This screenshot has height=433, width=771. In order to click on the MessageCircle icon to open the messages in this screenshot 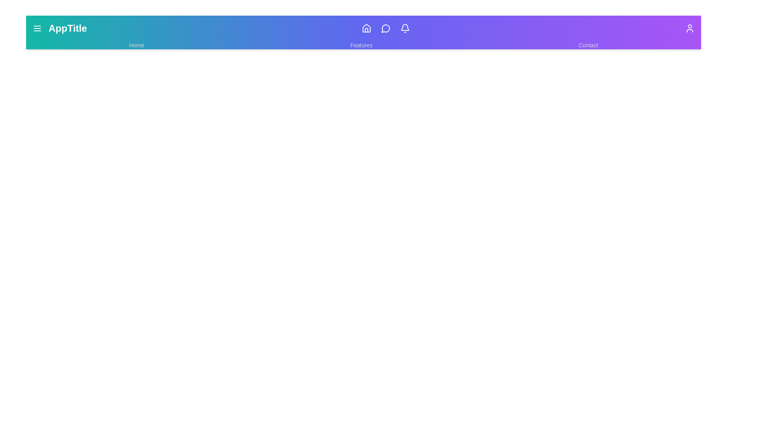, I will do `click(386, 28)`.